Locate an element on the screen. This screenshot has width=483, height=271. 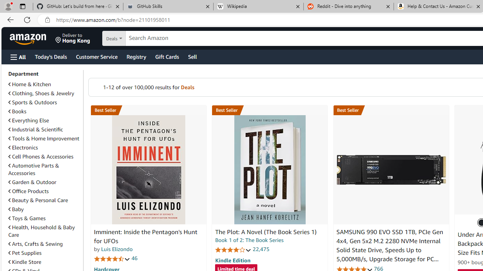
'Back' is located at coordinates (9, 19).